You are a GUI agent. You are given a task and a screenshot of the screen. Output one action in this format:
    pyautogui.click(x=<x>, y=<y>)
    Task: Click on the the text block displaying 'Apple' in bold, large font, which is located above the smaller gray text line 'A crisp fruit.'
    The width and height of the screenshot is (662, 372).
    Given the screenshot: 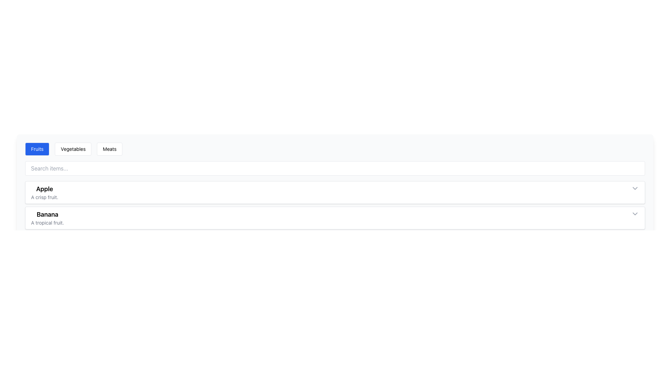 What is the action you would take?
    pyautogui.click(x=44, y=193)
    